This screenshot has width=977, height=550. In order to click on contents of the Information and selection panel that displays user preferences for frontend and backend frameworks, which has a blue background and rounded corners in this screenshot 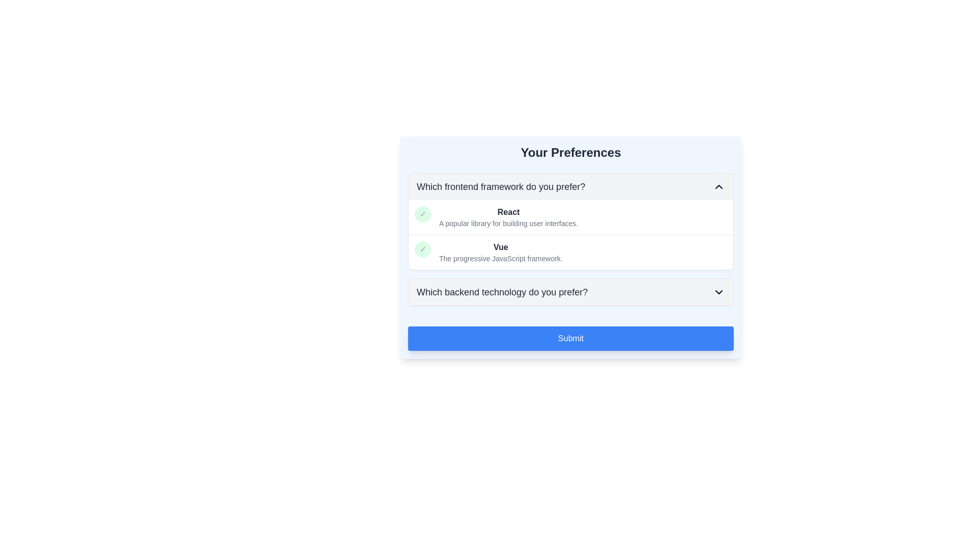, I will do `click(571, 248)`.